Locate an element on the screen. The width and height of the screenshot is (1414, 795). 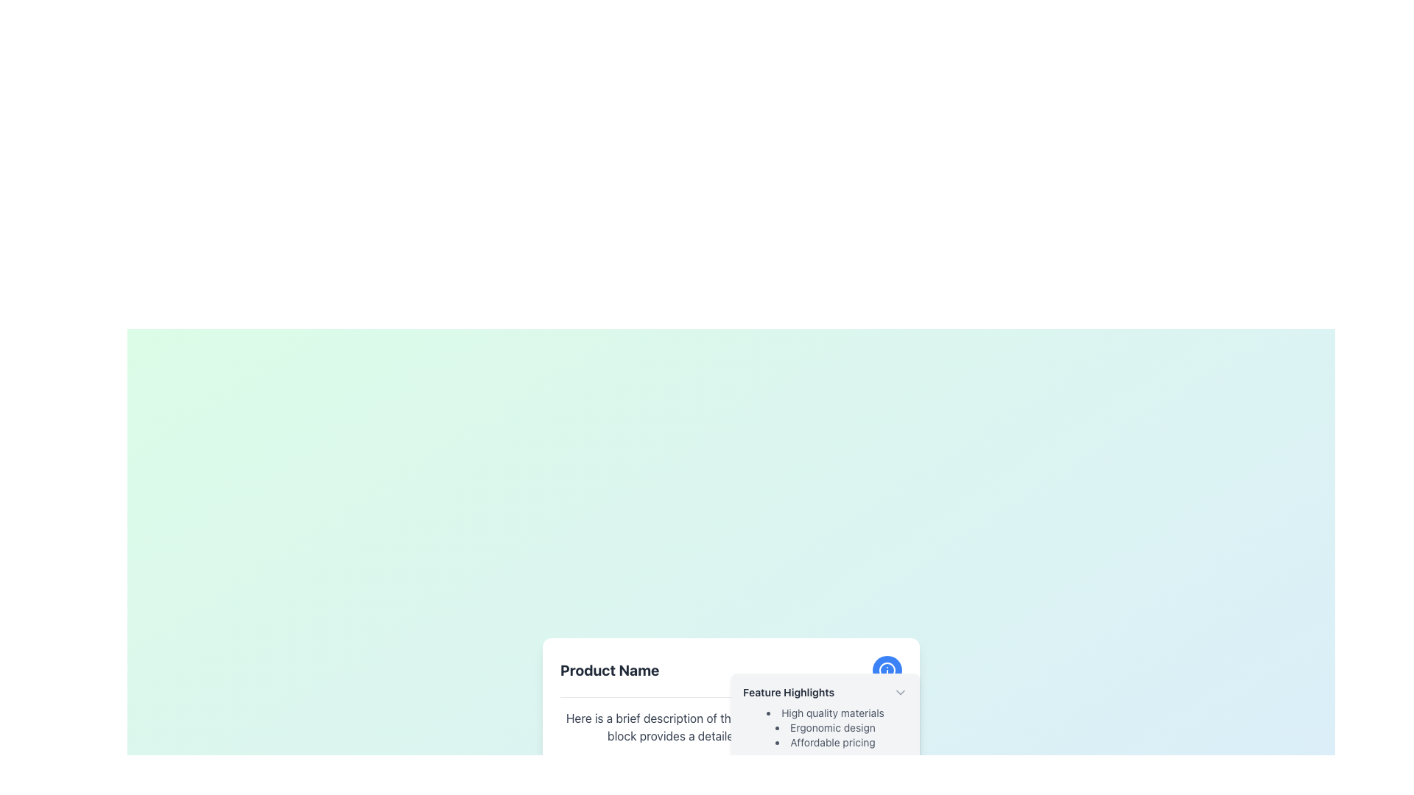
the 'High quality materials' text label, which is the first bullet point in the 'Feature Highlights' section, styled in gray color is located at coordinates (826, 712).